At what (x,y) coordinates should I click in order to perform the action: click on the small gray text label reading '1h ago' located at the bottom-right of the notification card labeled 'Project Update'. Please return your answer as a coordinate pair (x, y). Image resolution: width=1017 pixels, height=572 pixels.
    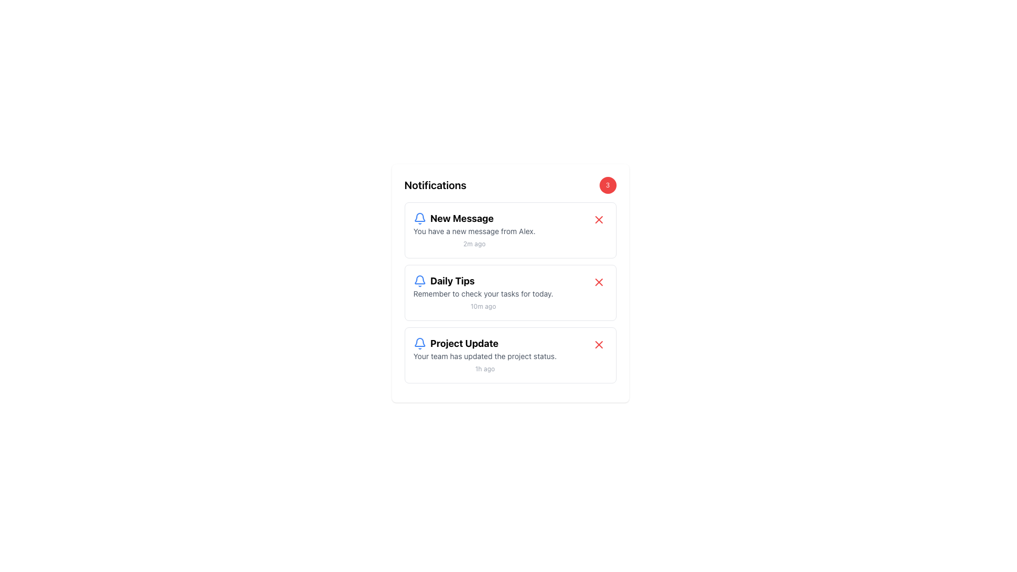
    Looking at the image, I should click on (484, 368).